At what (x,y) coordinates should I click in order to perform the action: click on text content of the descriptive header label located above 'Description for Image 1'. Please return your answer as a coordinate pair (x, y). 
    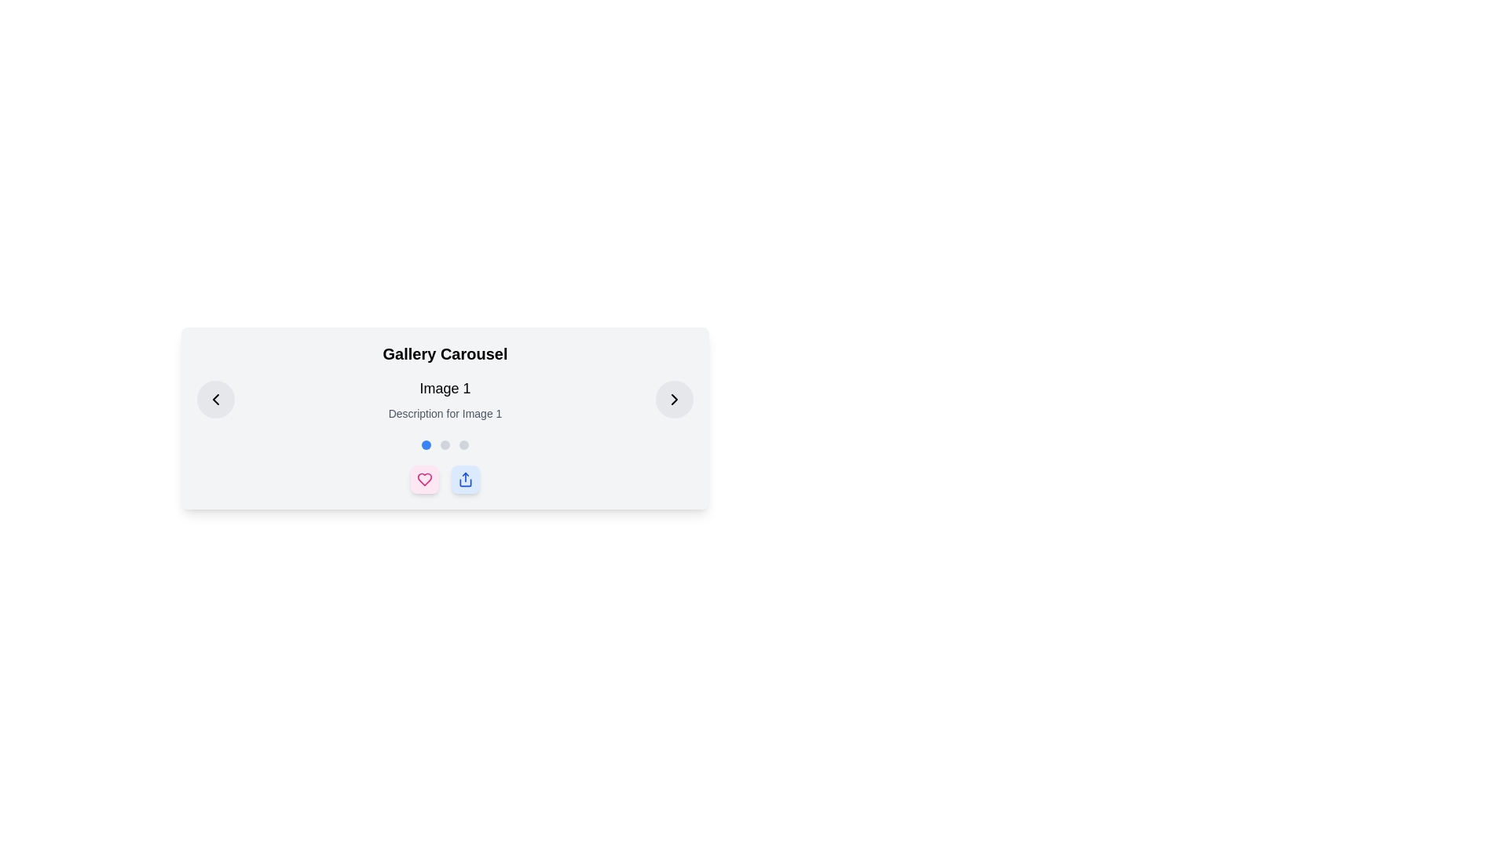
    Looking at the image, I should click on (444, 388).